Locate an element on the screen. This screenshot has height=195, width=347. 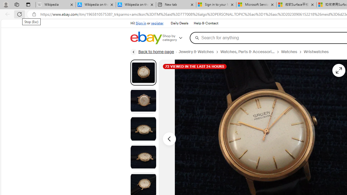
'Jewelry & Watches' is located at coordinates (196, 52).